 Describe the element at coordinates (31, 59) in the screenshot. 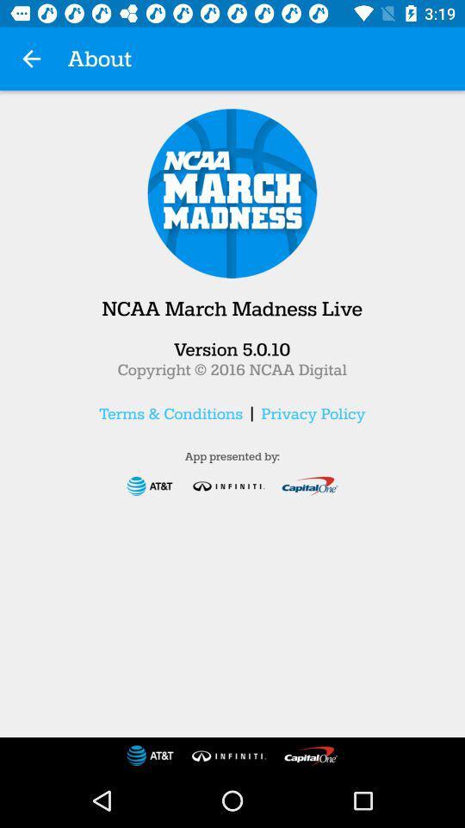

I see `icon next to the about app` at that location.